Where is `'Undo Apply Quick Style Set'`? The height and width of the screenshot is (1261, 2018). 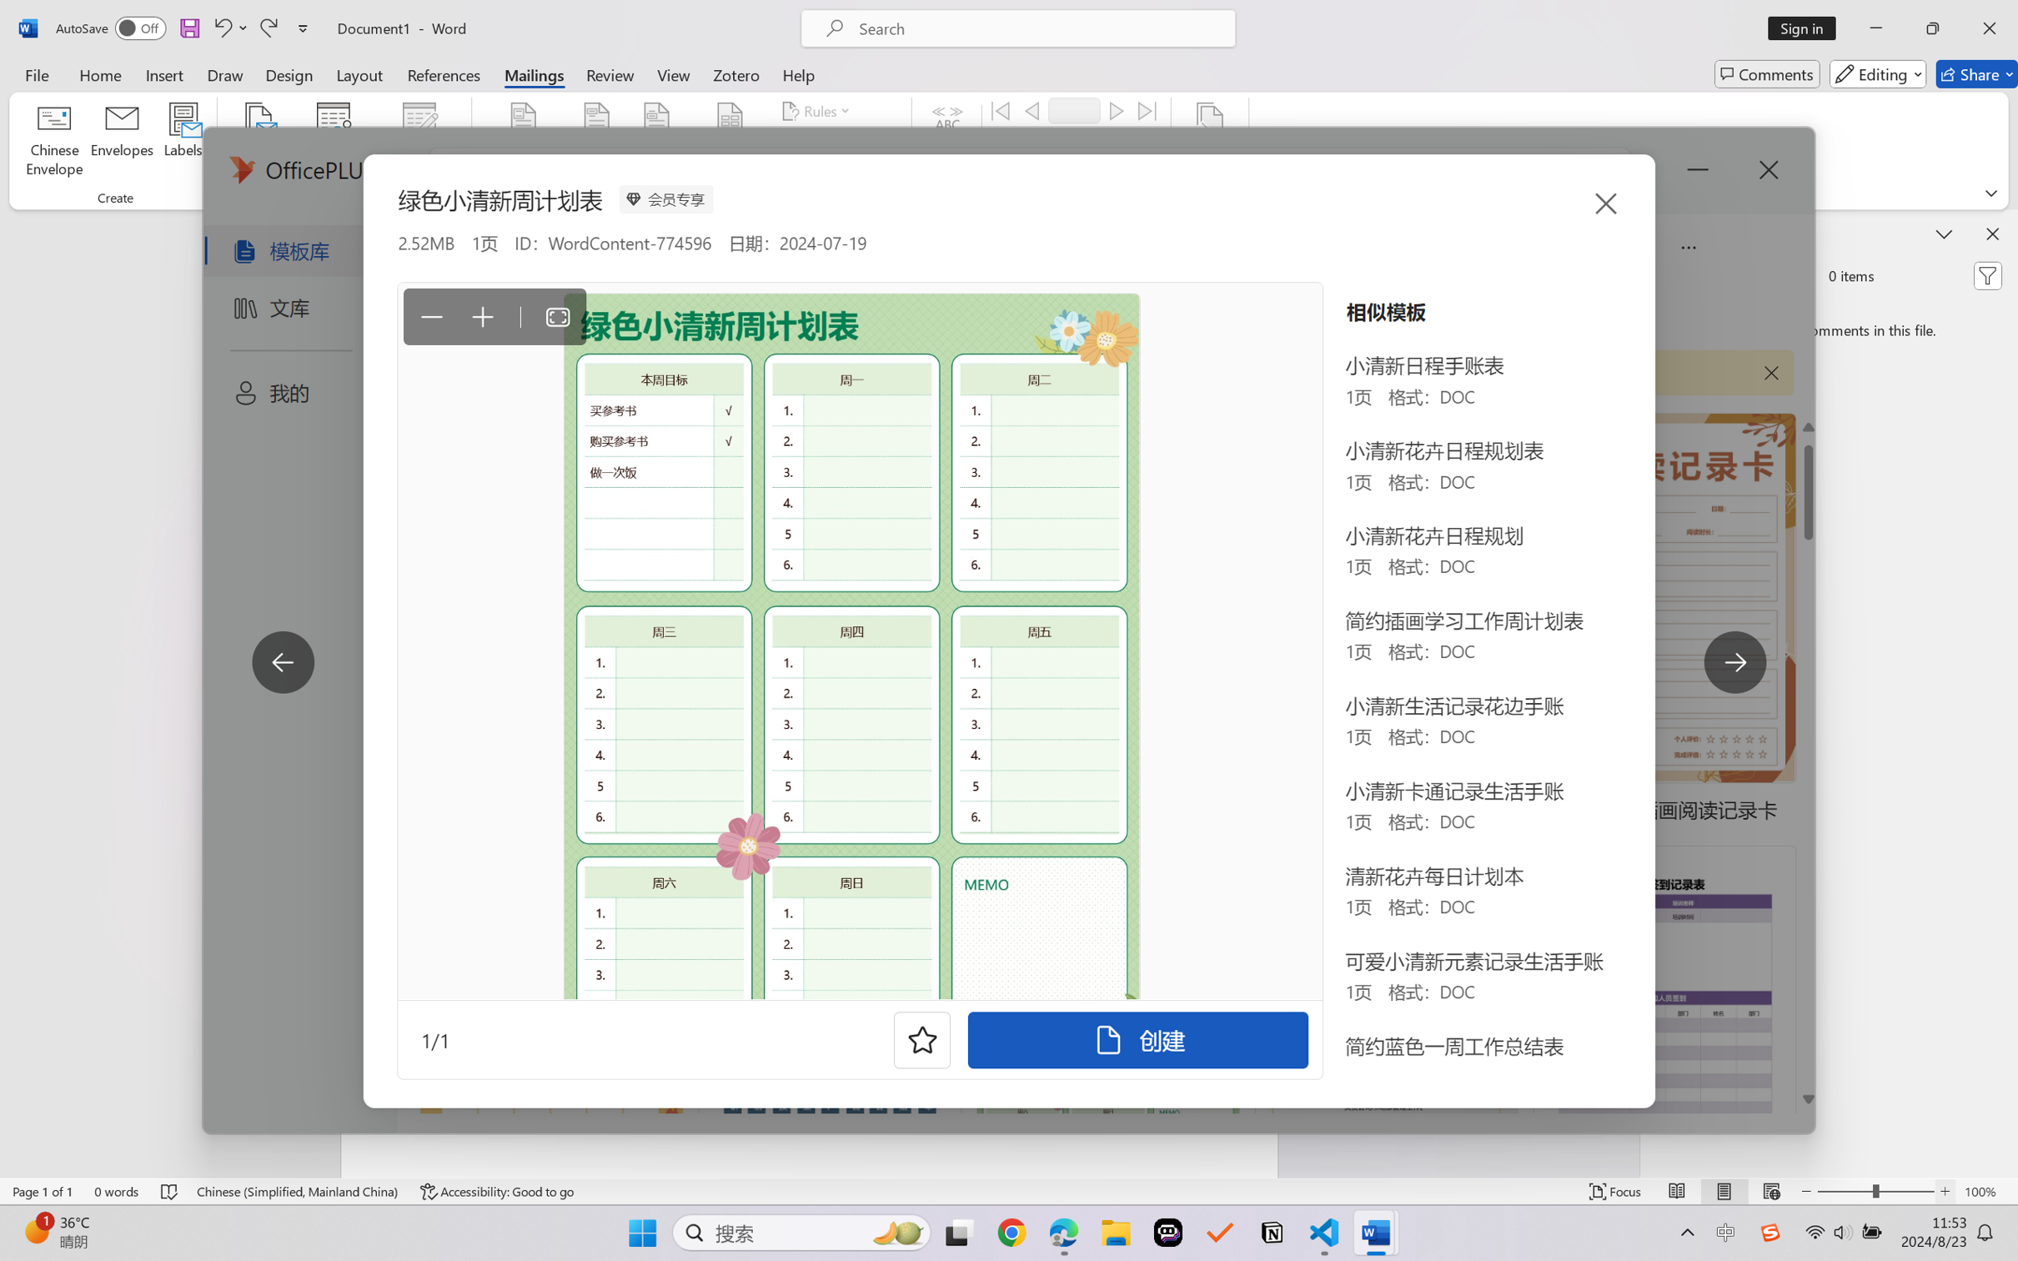 'Undo Apply Quick Style Set' is located at coordinates (221, 28).